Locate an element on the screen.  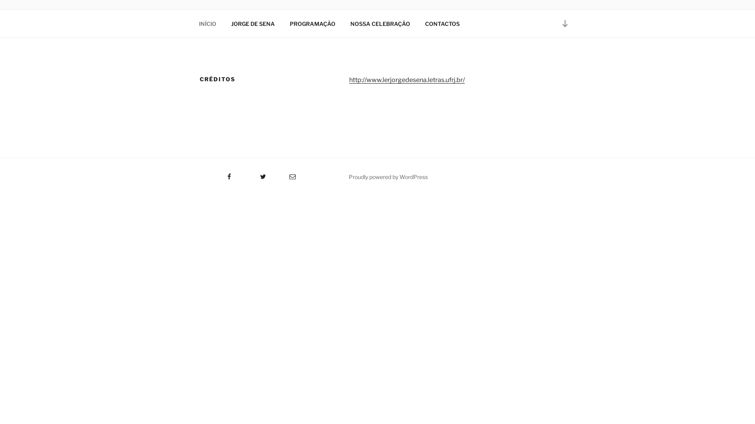
'CONTACTOS' is located at coordinates (442, 23).